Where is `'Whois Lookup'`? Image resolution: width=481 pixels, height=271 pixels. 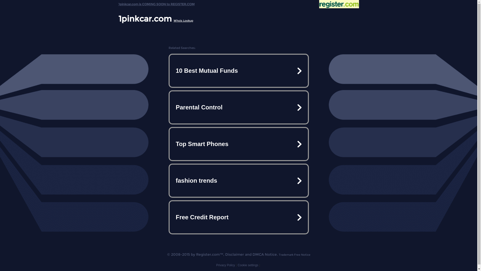 'Whois Lookup' is located at coordinates (183, 20).